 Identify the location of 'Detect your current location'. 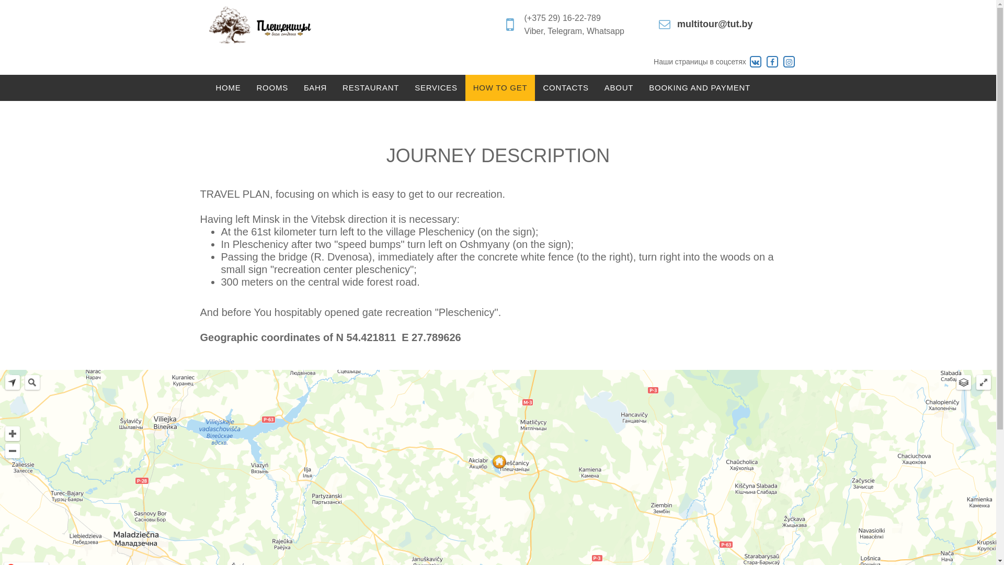
(13, 382).